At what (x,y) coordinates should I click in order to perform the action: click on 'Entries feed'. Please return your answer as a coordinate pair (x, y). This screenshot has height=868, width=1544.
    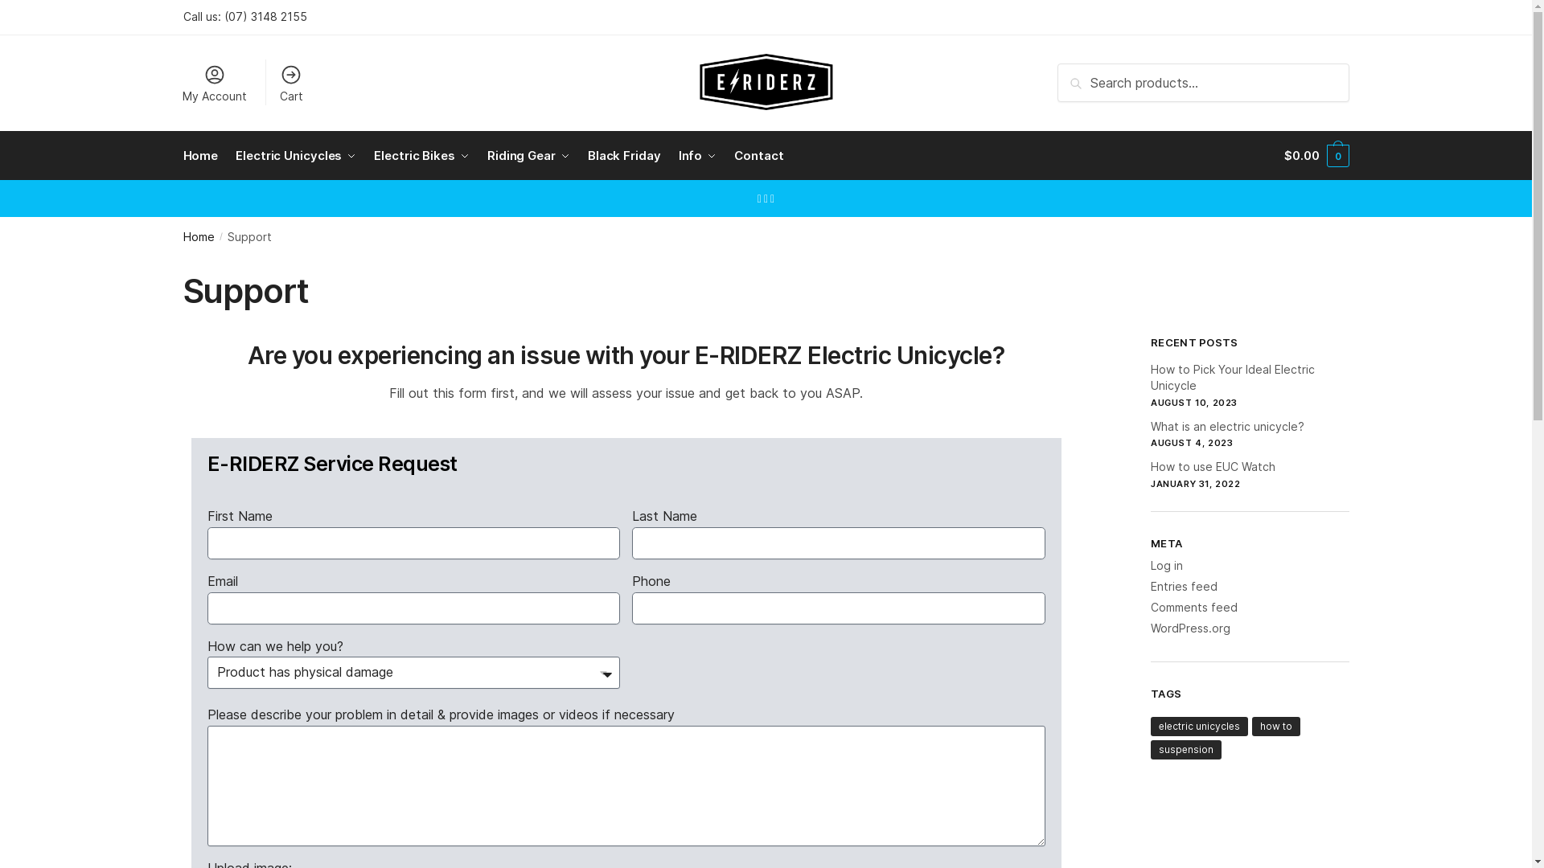
    Looking at the image, I should click on (1149, 586).